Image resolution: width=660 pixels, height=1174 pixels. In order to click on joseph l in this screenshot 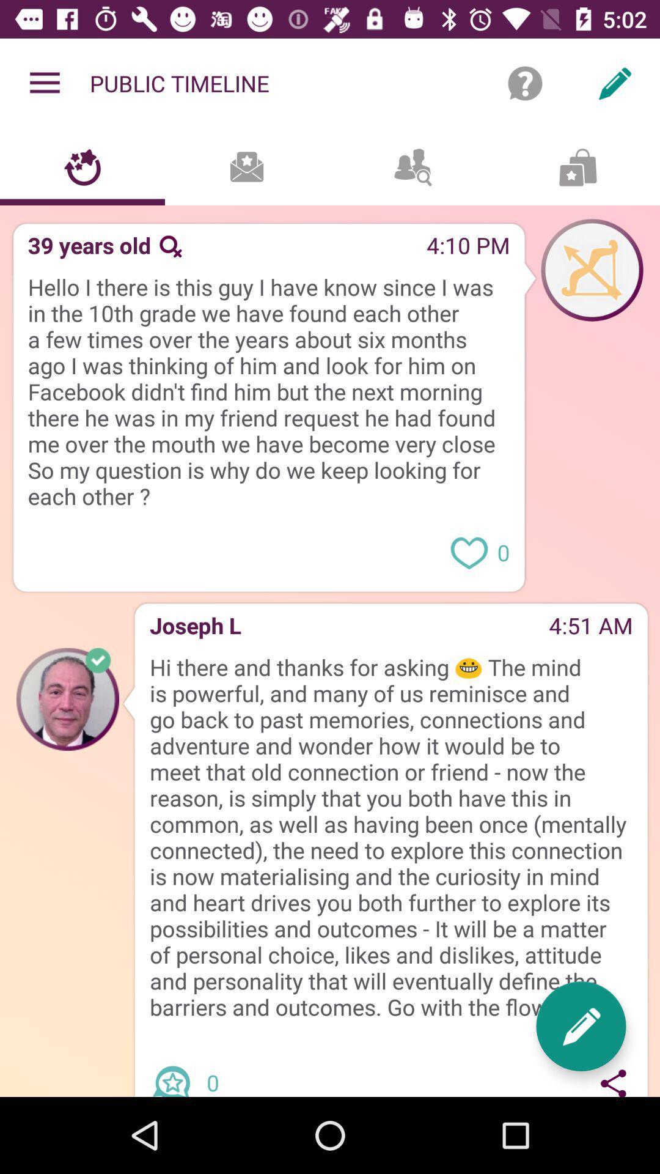, I will do `click(191, 629)`.